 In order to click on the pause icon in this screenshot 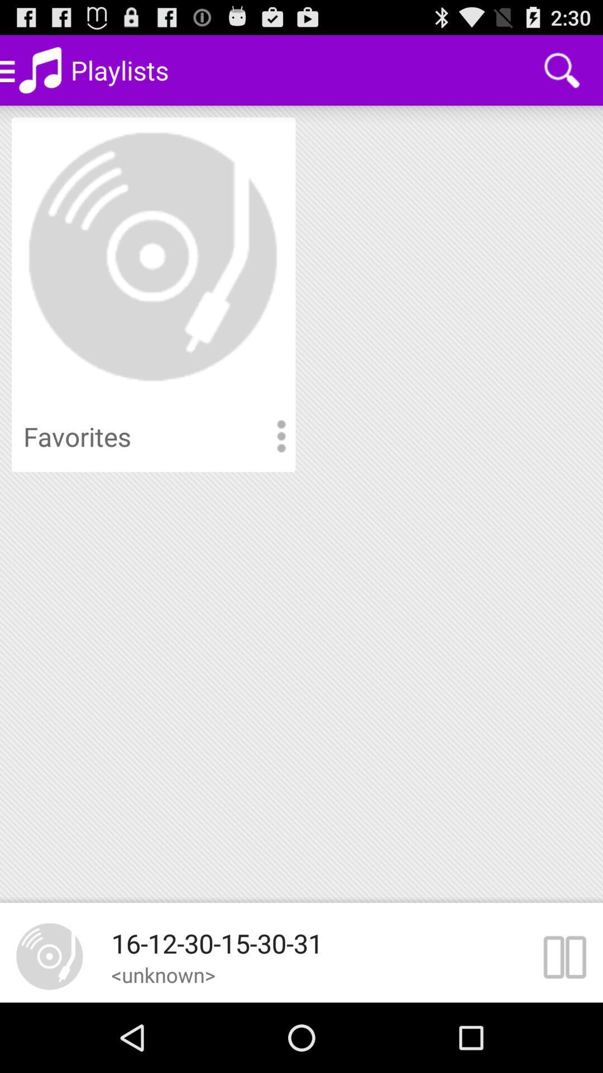, I will do `click(569, 1019)`.